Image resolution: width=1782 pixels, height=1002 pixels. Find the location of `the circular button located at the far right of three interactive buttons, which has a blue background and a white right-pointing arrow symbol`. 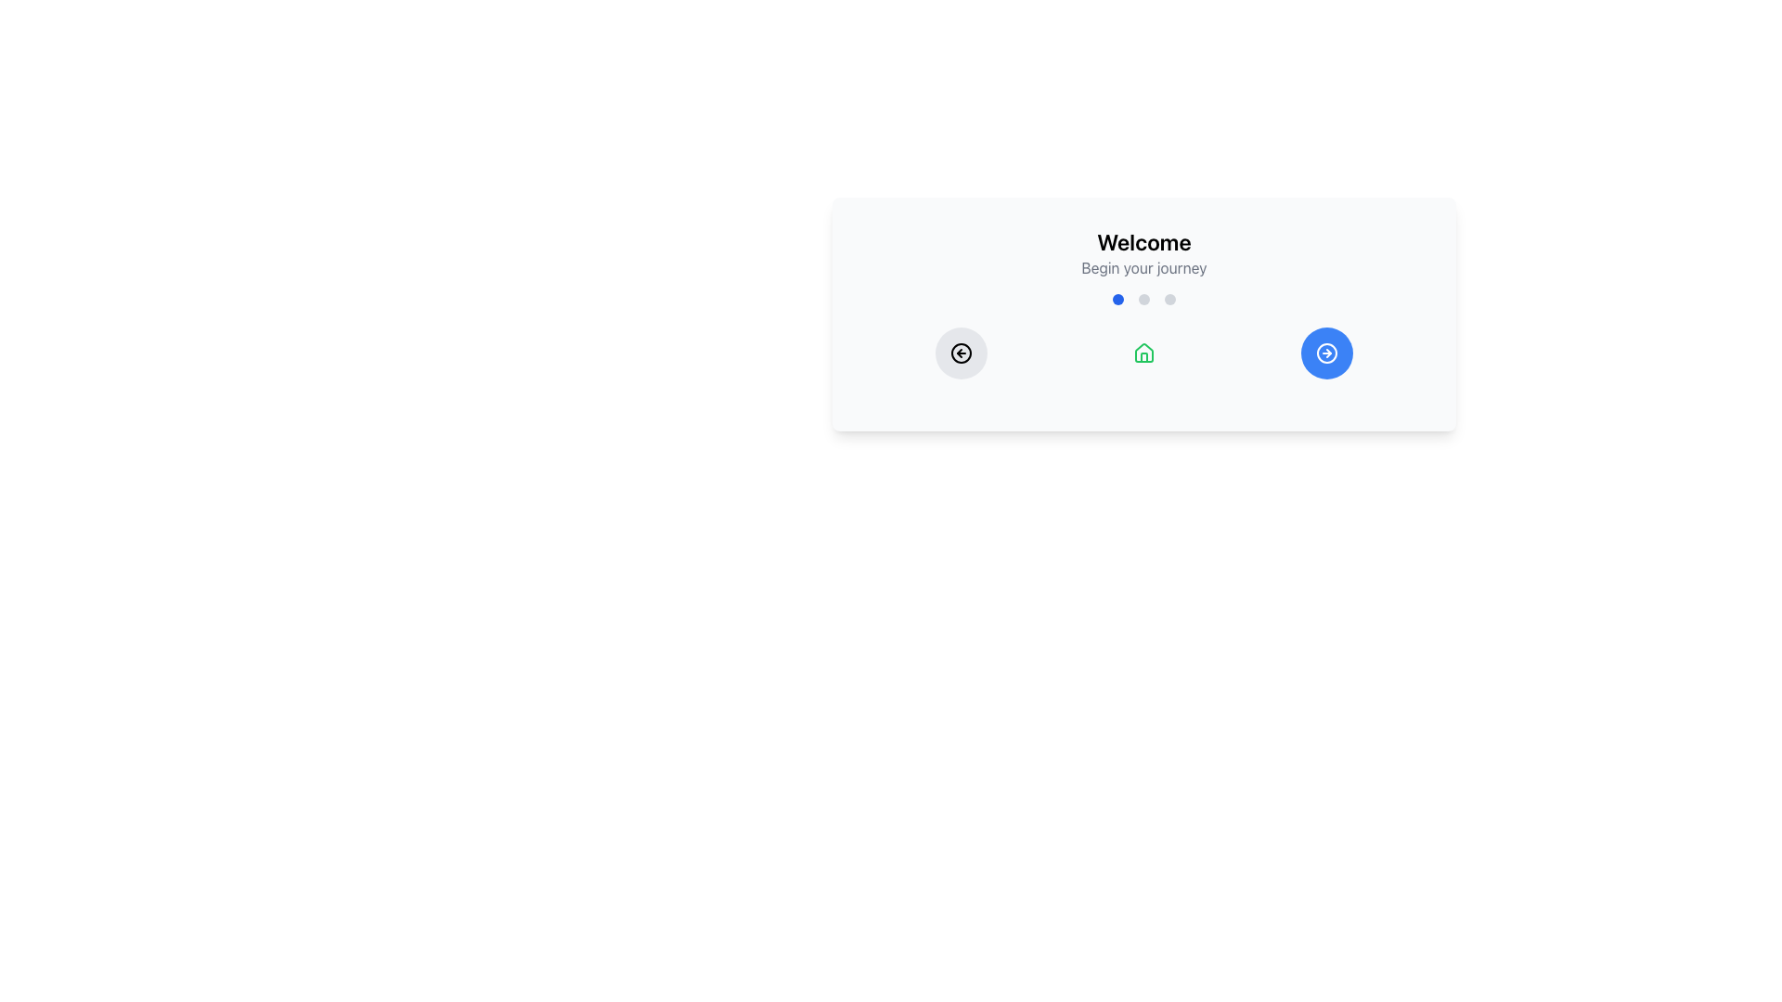

the circular button located at the far right of three interactive buttons, which has a blue background and a white right-pointing arrow symbol is located at coordinates (1326, 353).